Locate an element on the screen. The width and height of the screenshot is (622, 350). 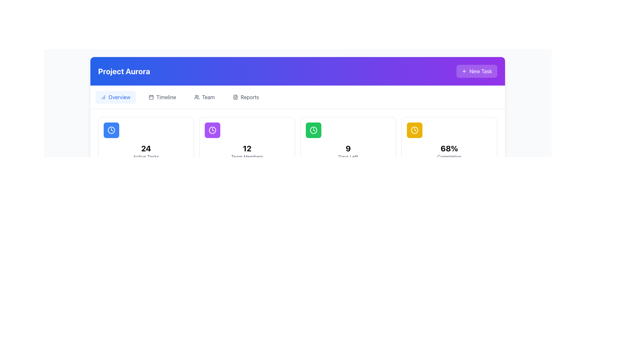
the 'Reports' text label in the navigation menu is located at coordinates (249, 97).